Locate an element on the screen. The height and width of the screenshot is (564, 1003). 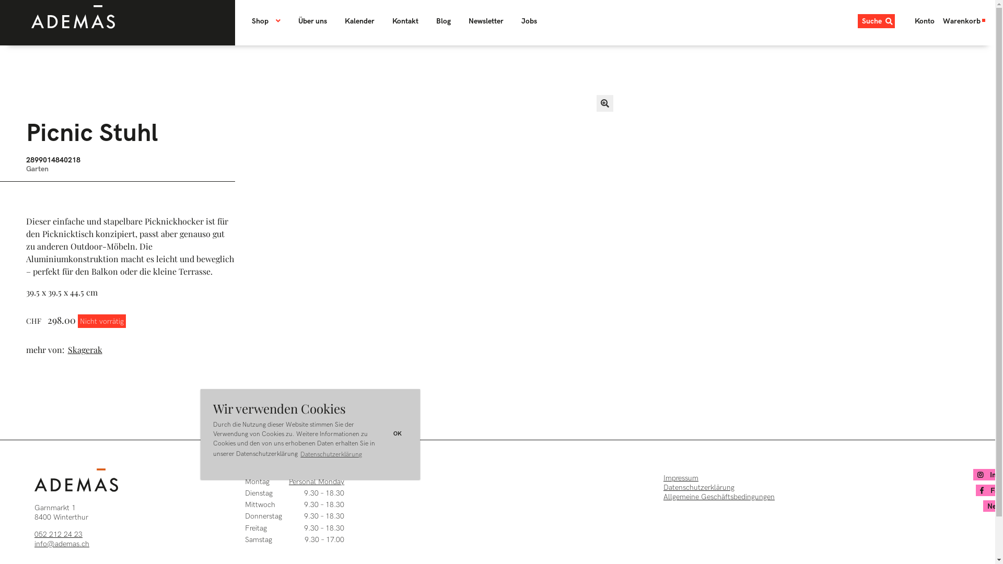
'OK' is located at coordinates (388, 434).